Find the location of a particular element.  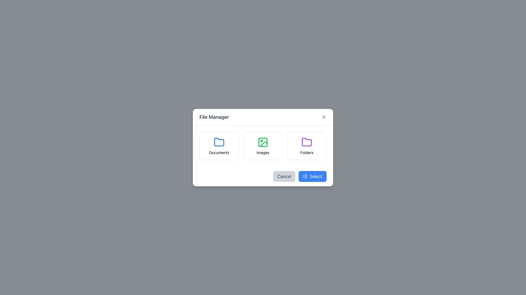

the checkmark icon inside the 'Select' button, positioned on the bottom right of the modal, immediately to the left of the button text is located at coordinates (305, 176).